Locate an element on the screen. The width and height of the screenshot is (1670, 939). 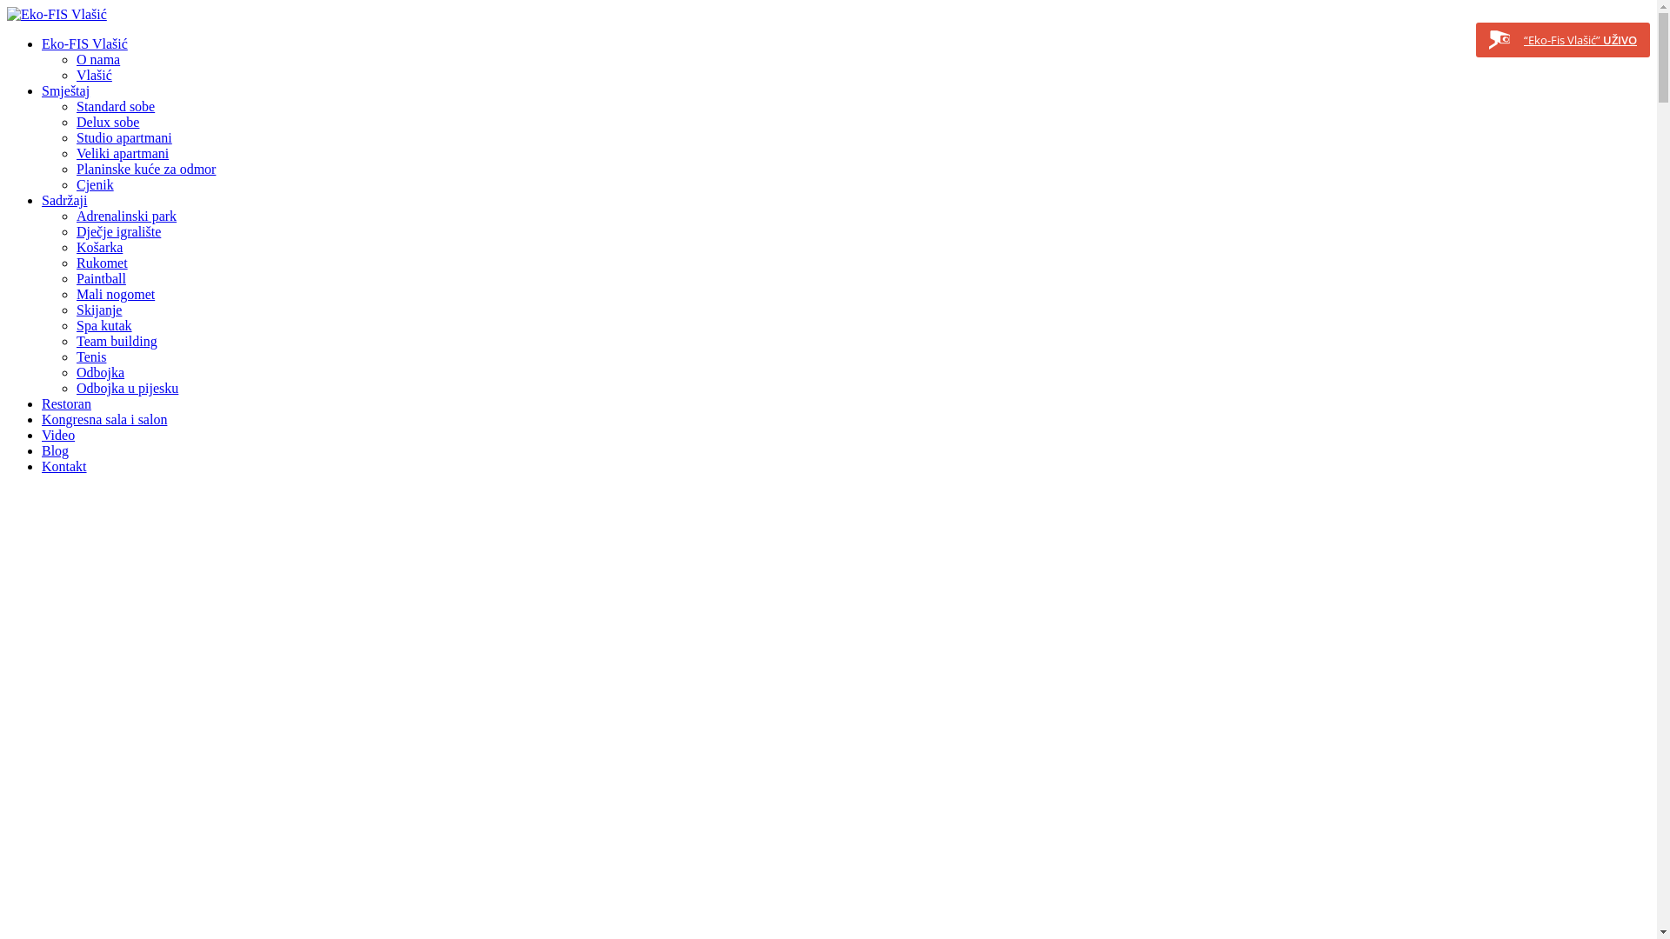
'Blog' is located at coordinates (55, 450).